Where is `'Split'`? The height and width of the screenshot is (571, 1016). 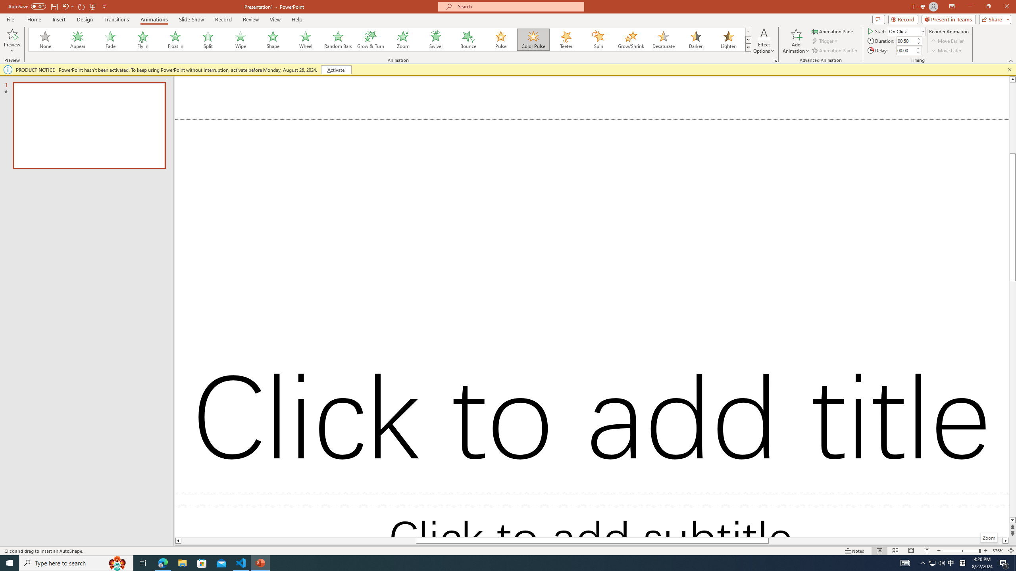 'Split' is located at coordinates (208, 39).